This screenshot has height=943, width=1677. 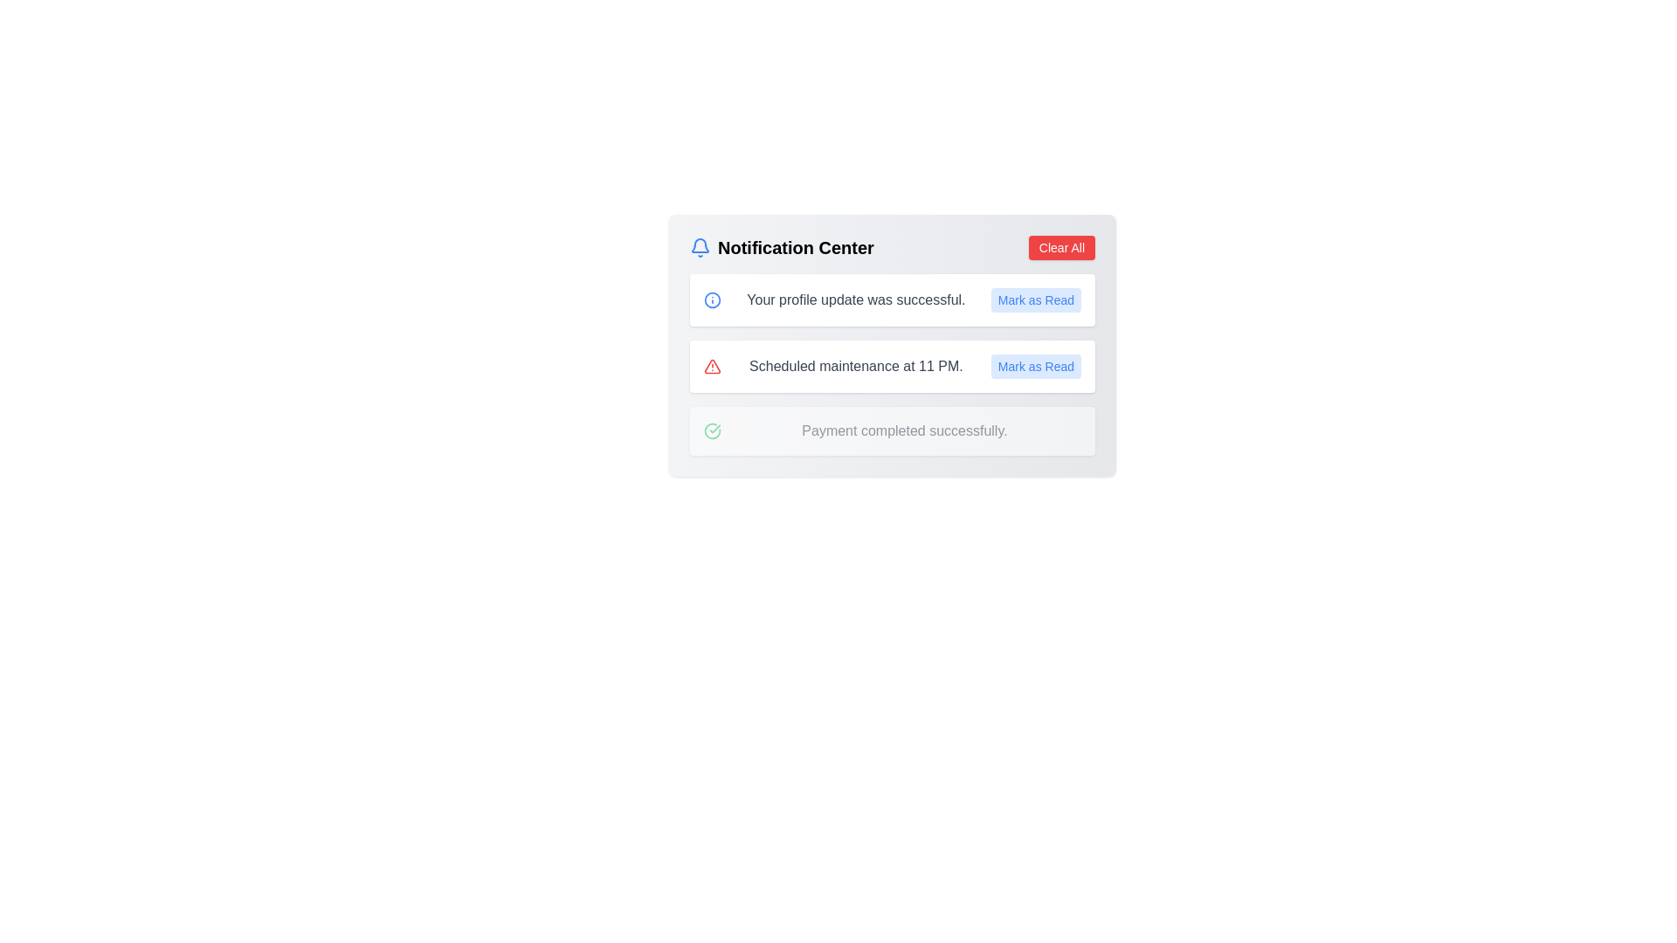 I want to click on the Label or Header Text located at the top-left portion of the notification center panel, which is adjacent to a notification bell icon on the left and a 'Clear All' button on the right, so click(x=795, y=248).